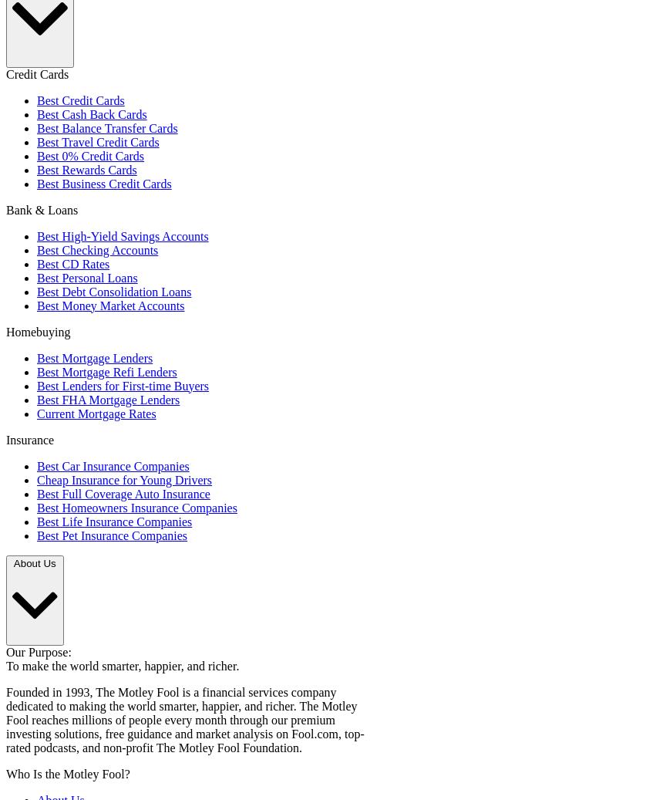 Image resolution: width=656 pixels, height=800 pixels. I want to click on 'Best Lenders for First-time Buyers', so click(122, 384).